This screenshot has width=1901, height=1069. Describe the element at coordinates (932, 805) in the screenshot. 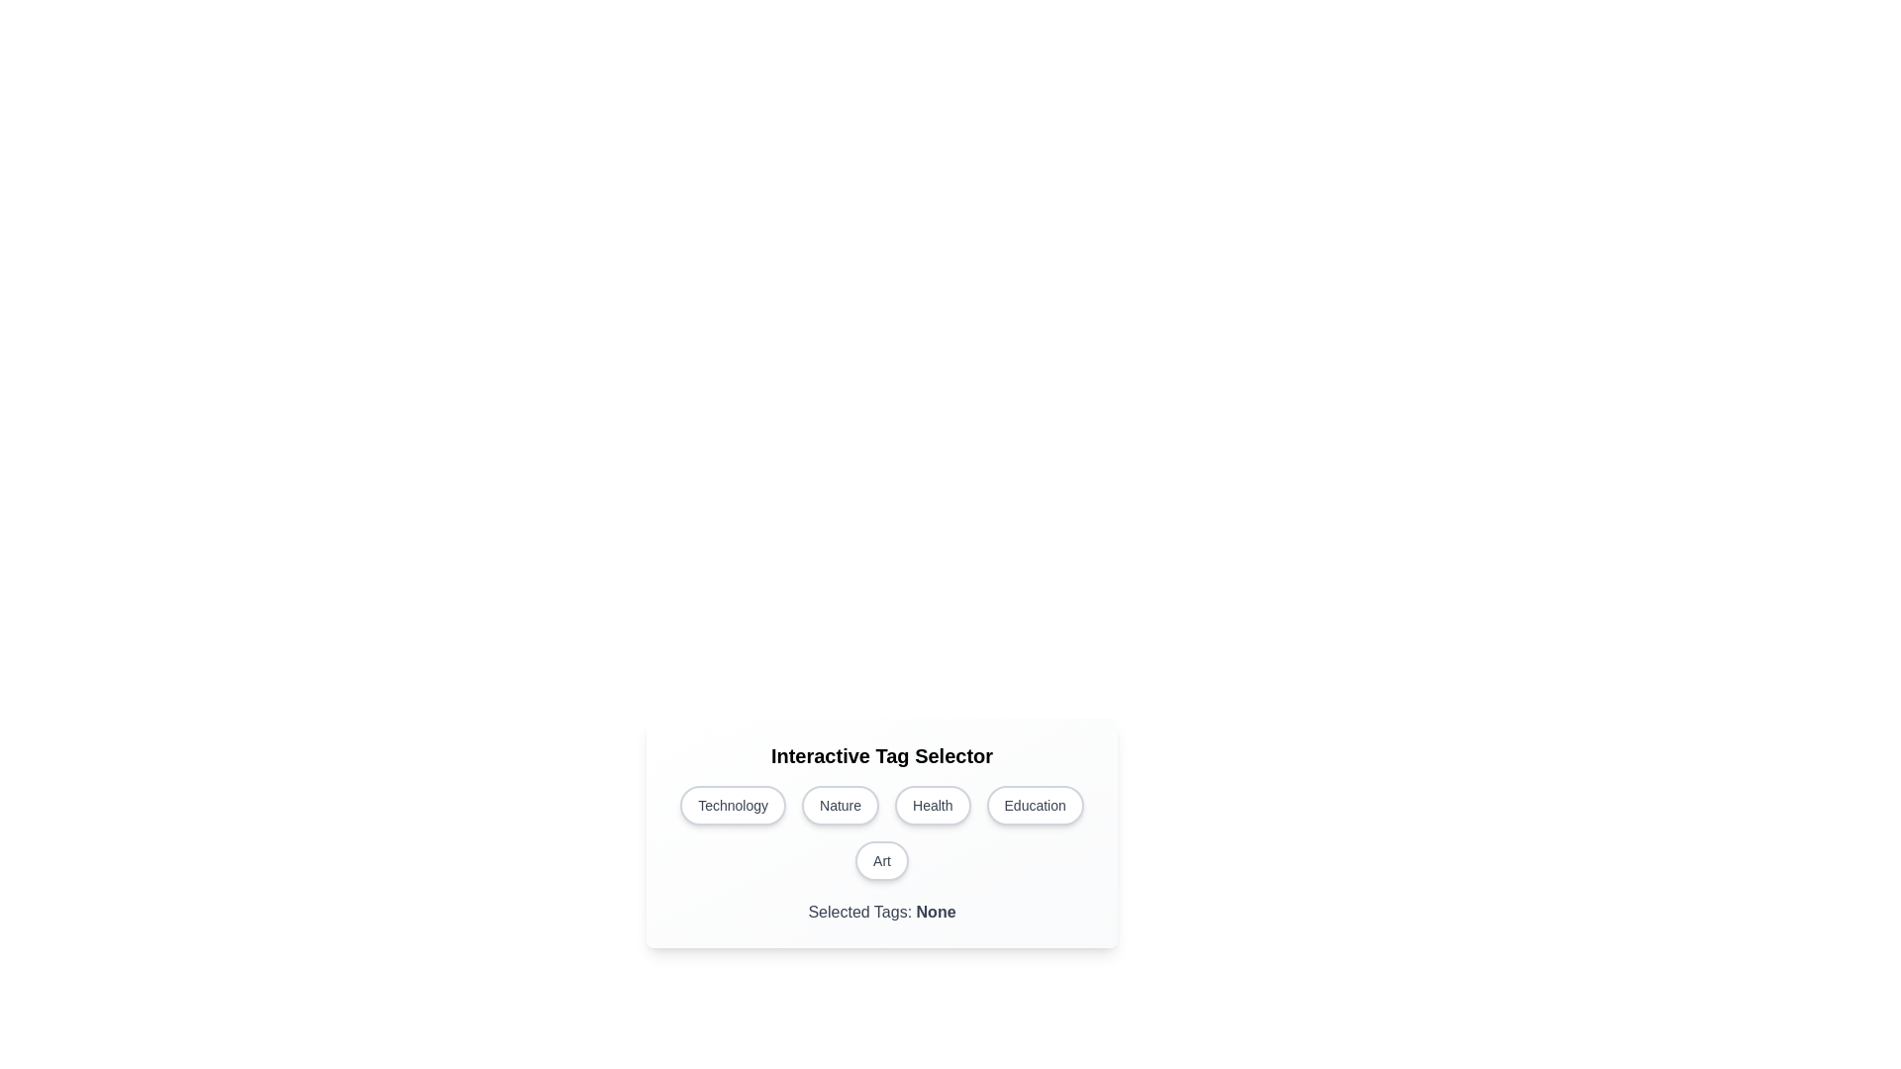

I see `the Health tag to select or deselect it` at that location.